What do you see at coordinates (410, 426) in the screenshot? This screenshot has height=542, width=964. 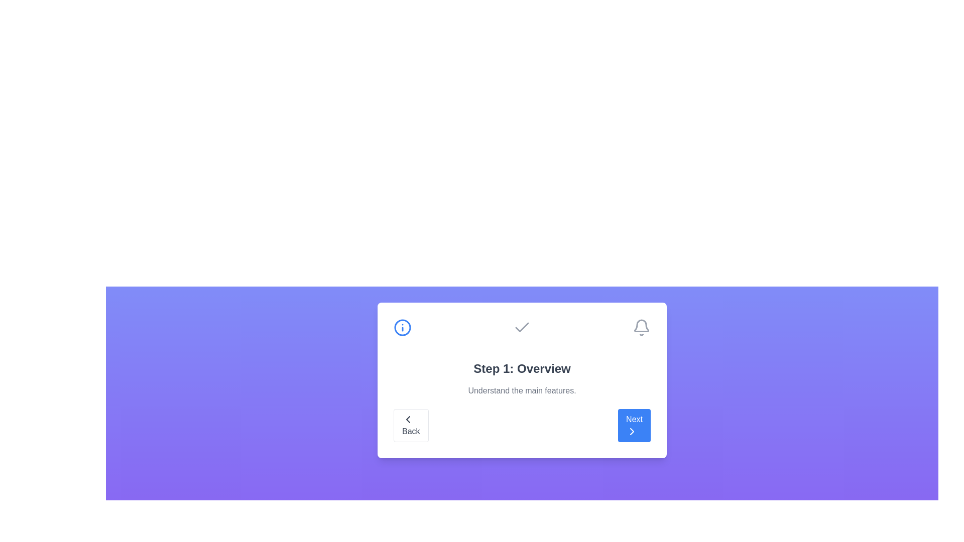 I see `the 'Back' button to navigate to the previous step` at bounding box center [410, 426].